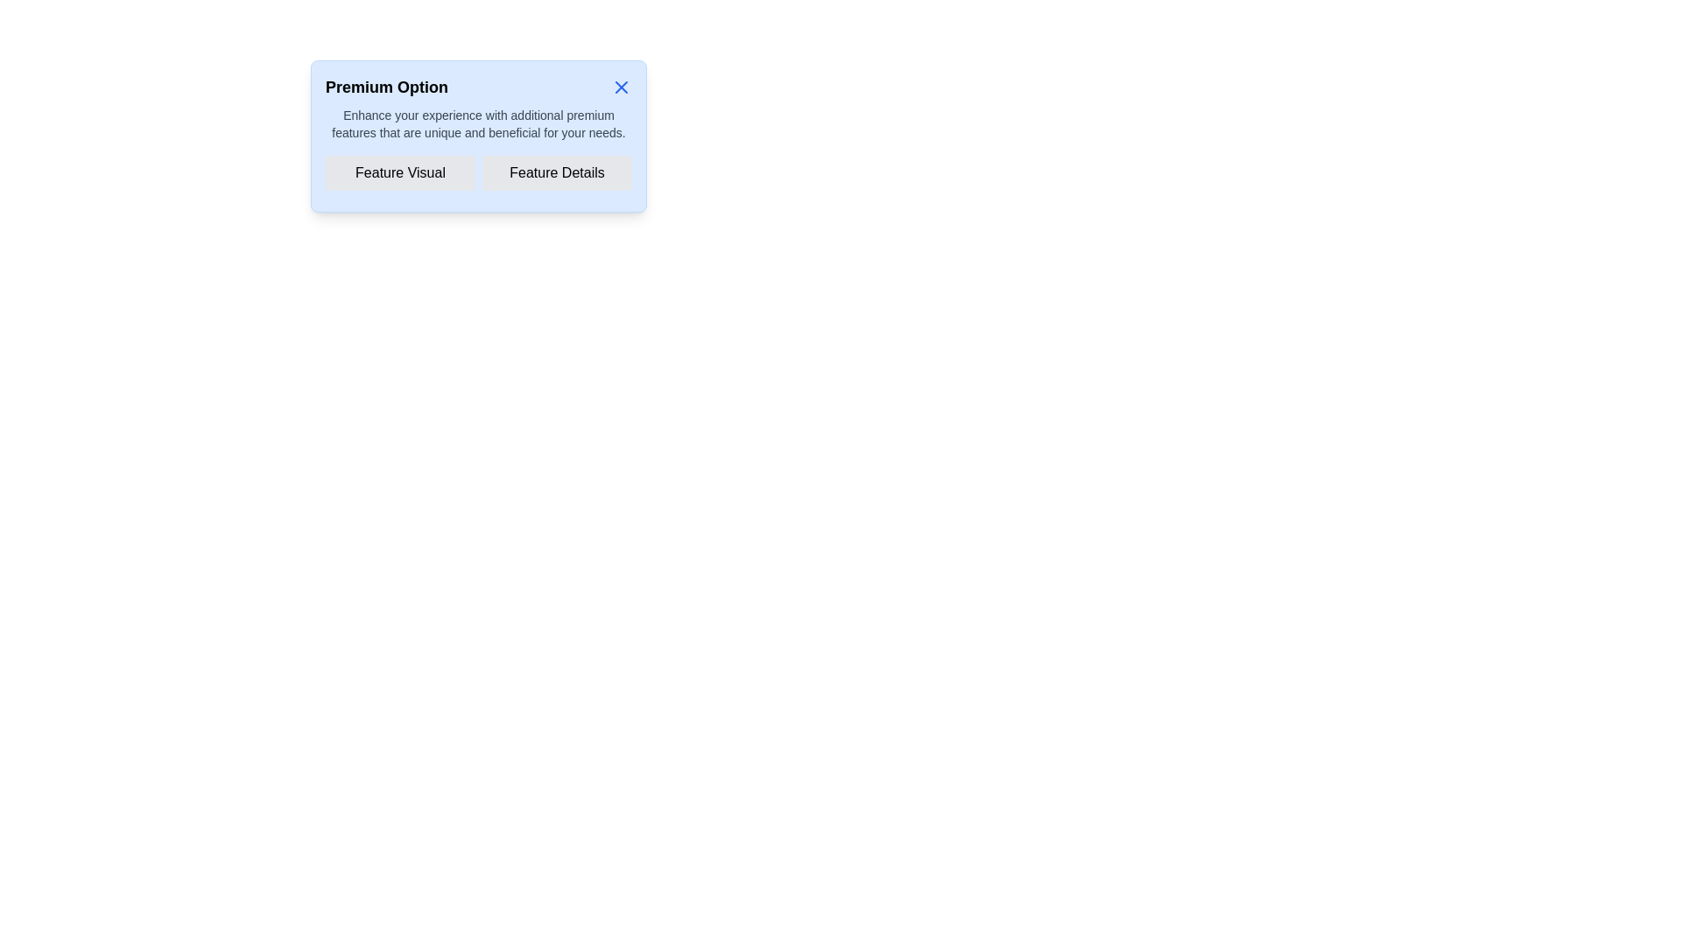 The height and width of the screenshot is (945, 1681). Describe the element at coordinates (399, 172) in the screenshot. I see `the leftmost button in the horizontal group at the bottom of the modal box` at that location.